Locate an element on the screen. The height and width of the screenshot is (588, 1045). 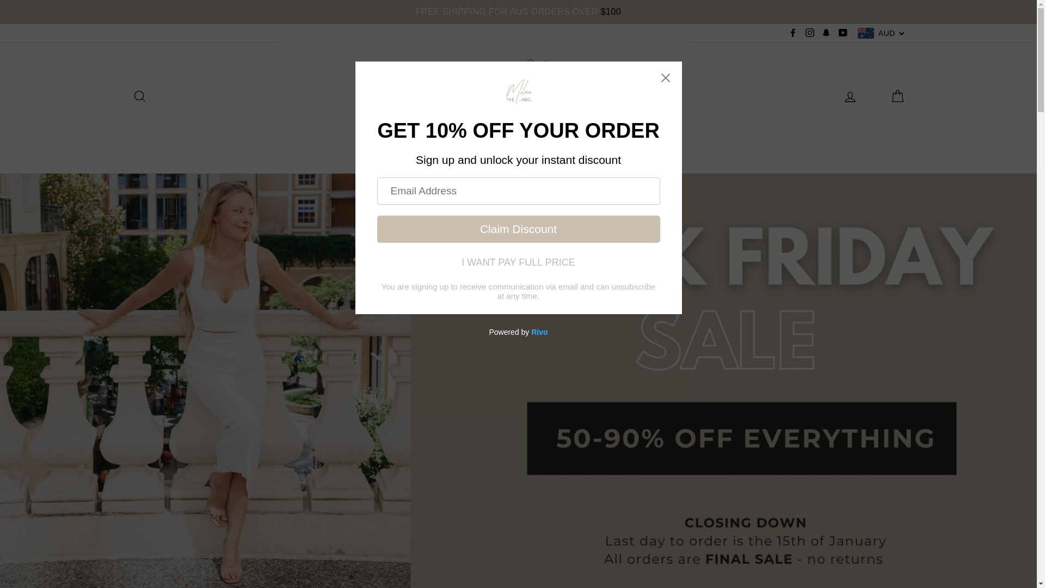
'Search' is located at coordinates (138, 95).